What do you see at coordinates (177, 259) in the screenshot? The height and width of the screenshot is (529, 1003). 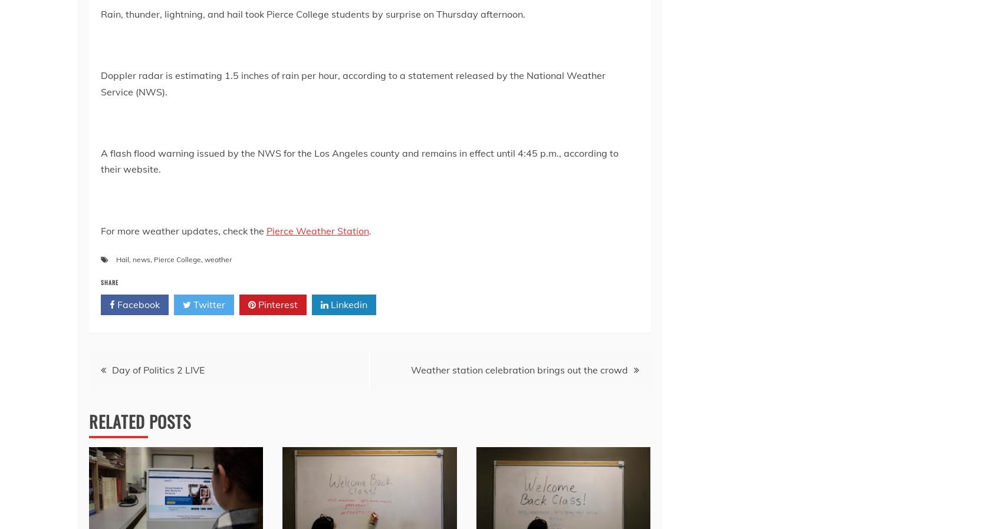 I see `'Pierce College'` at bounding box center [177, 259].